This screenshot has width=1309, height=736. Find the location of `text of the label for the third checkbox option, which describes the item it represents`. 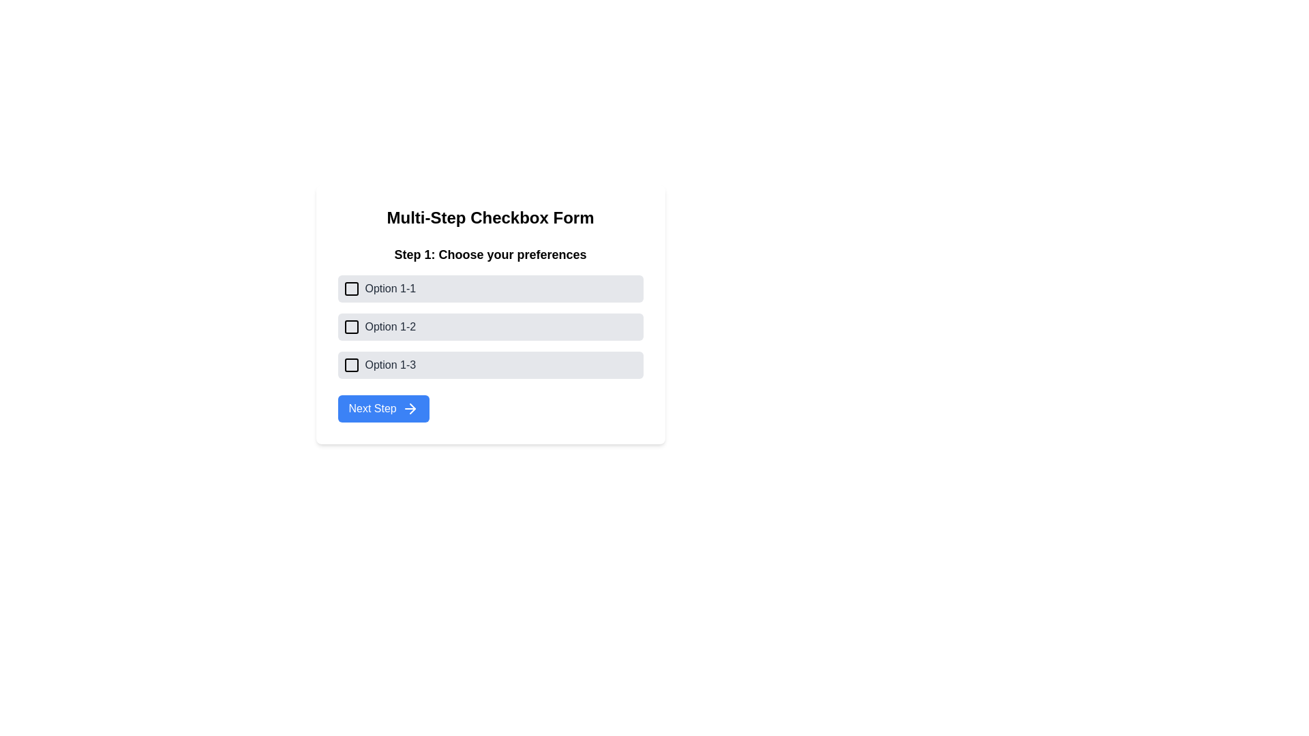

text of the label for the third checkbox option, which describes the item it represents is located at coordinates (389, 365).